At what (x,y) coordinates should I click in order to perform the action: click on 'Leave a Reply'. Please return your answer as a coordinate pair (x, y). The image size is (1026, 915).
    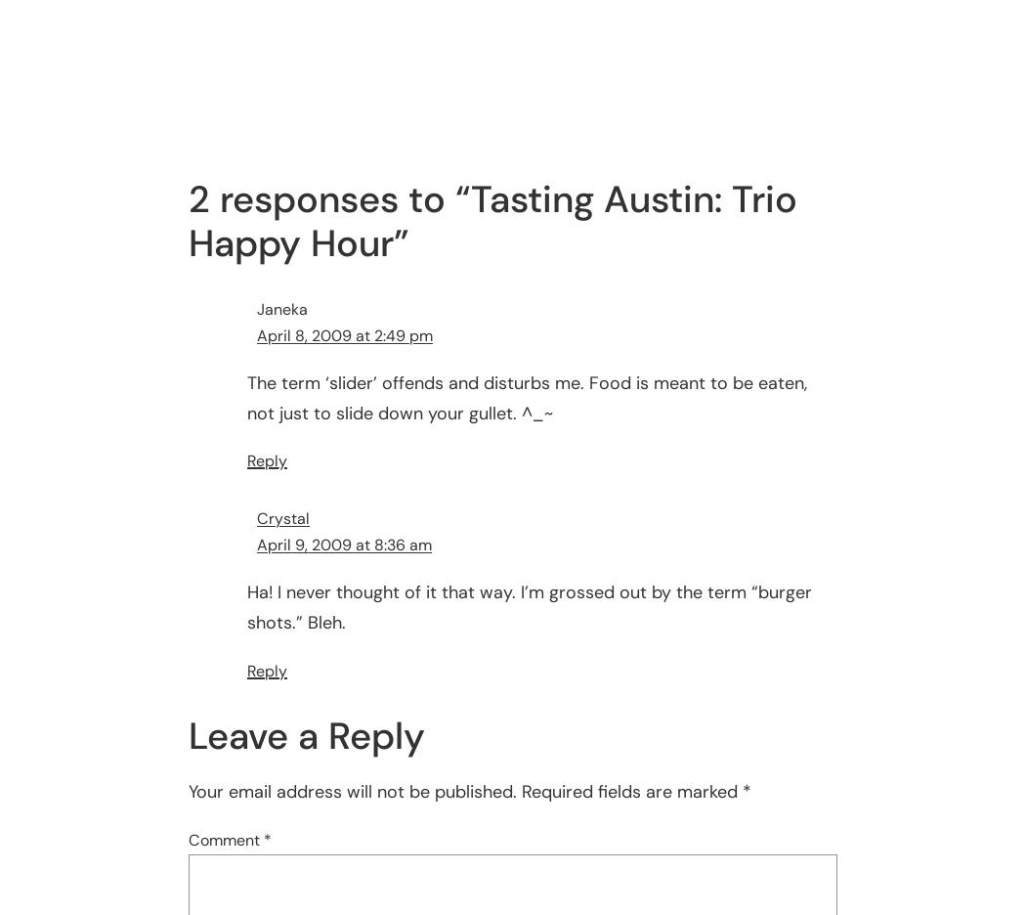
    Looking at the image, I should click on (306, 736).